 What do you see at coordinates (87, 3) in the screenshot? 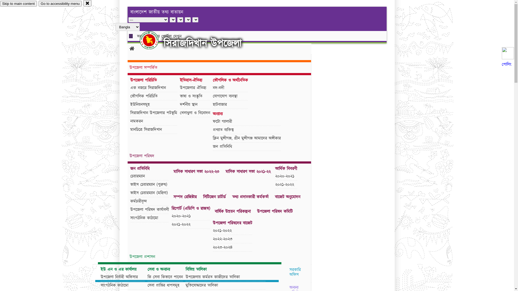
I see `'close'` at bounding box center [87, 3].